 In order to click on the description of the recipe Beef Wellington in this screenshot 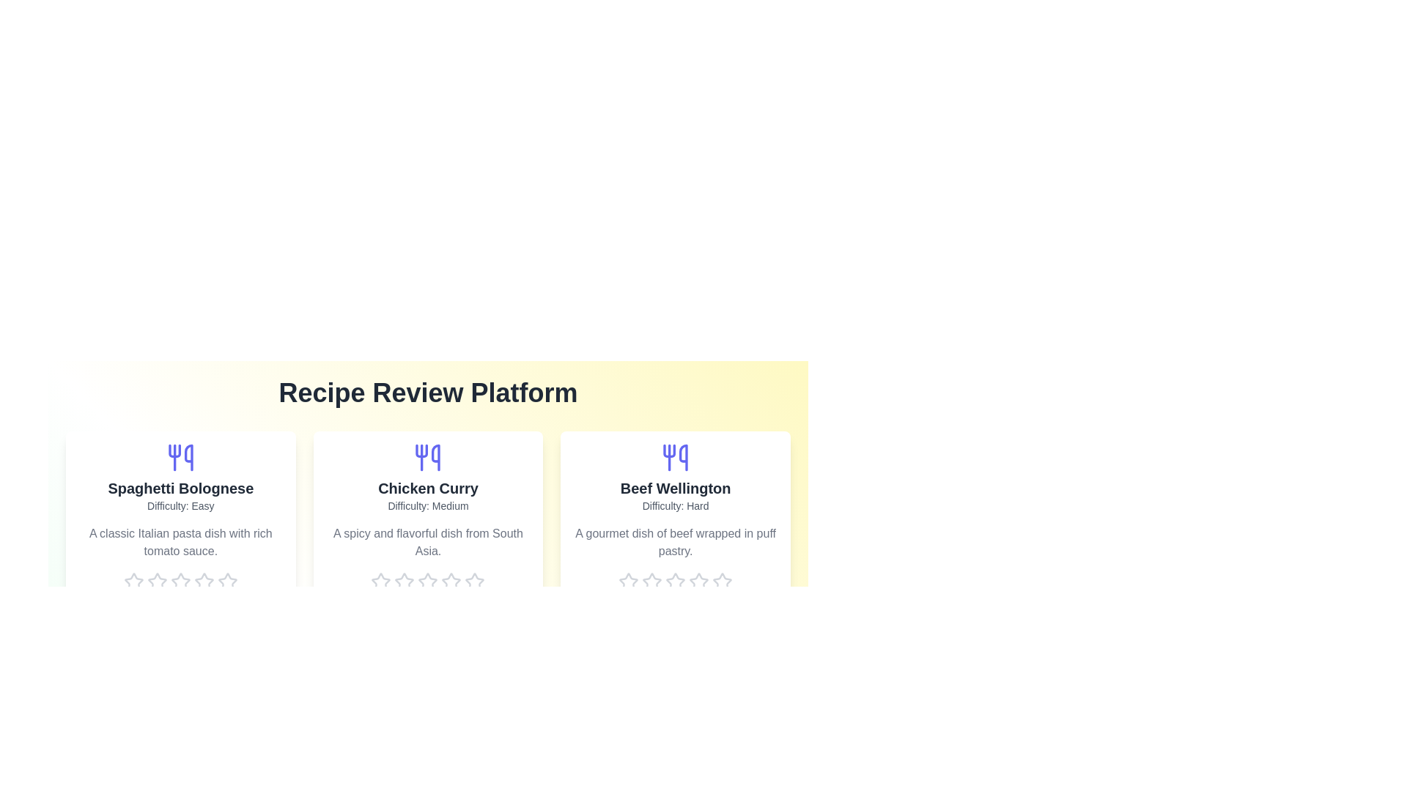, I will do `click(675, 542)`.